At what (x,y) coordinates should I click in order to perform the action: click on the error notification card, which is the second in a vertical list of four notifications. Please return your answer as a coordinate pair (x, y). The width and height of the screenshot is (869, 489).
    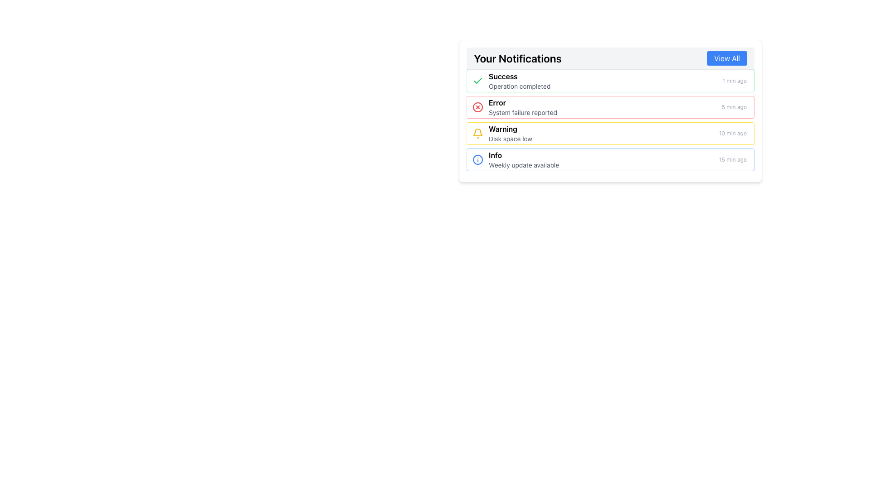
    Looking at the image, I should click on (610, 106).